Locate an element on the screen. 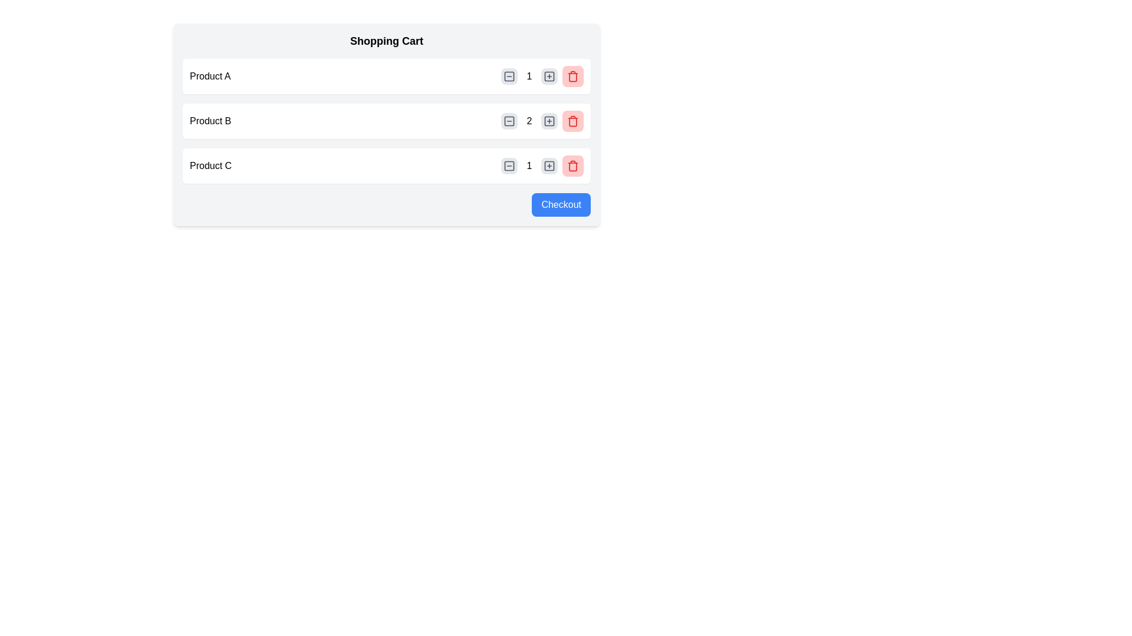 The height and width of the screenshot is (636, 1132). the square button with a '+' symbol, located to the right of the '2' text and to the left of the trash icon button in the shopping cart interface is located at coordinates (548, 121).